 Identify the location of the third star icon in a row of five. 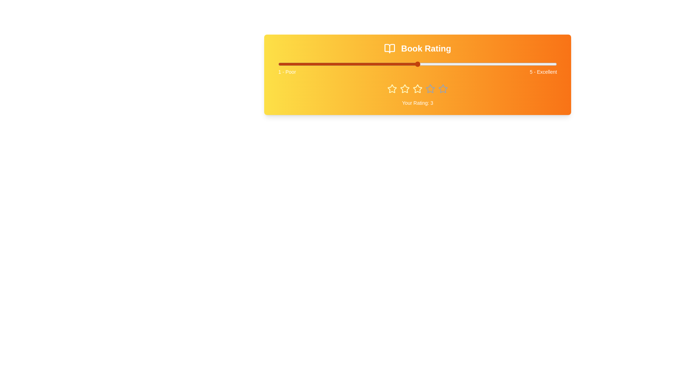
(417, 88).